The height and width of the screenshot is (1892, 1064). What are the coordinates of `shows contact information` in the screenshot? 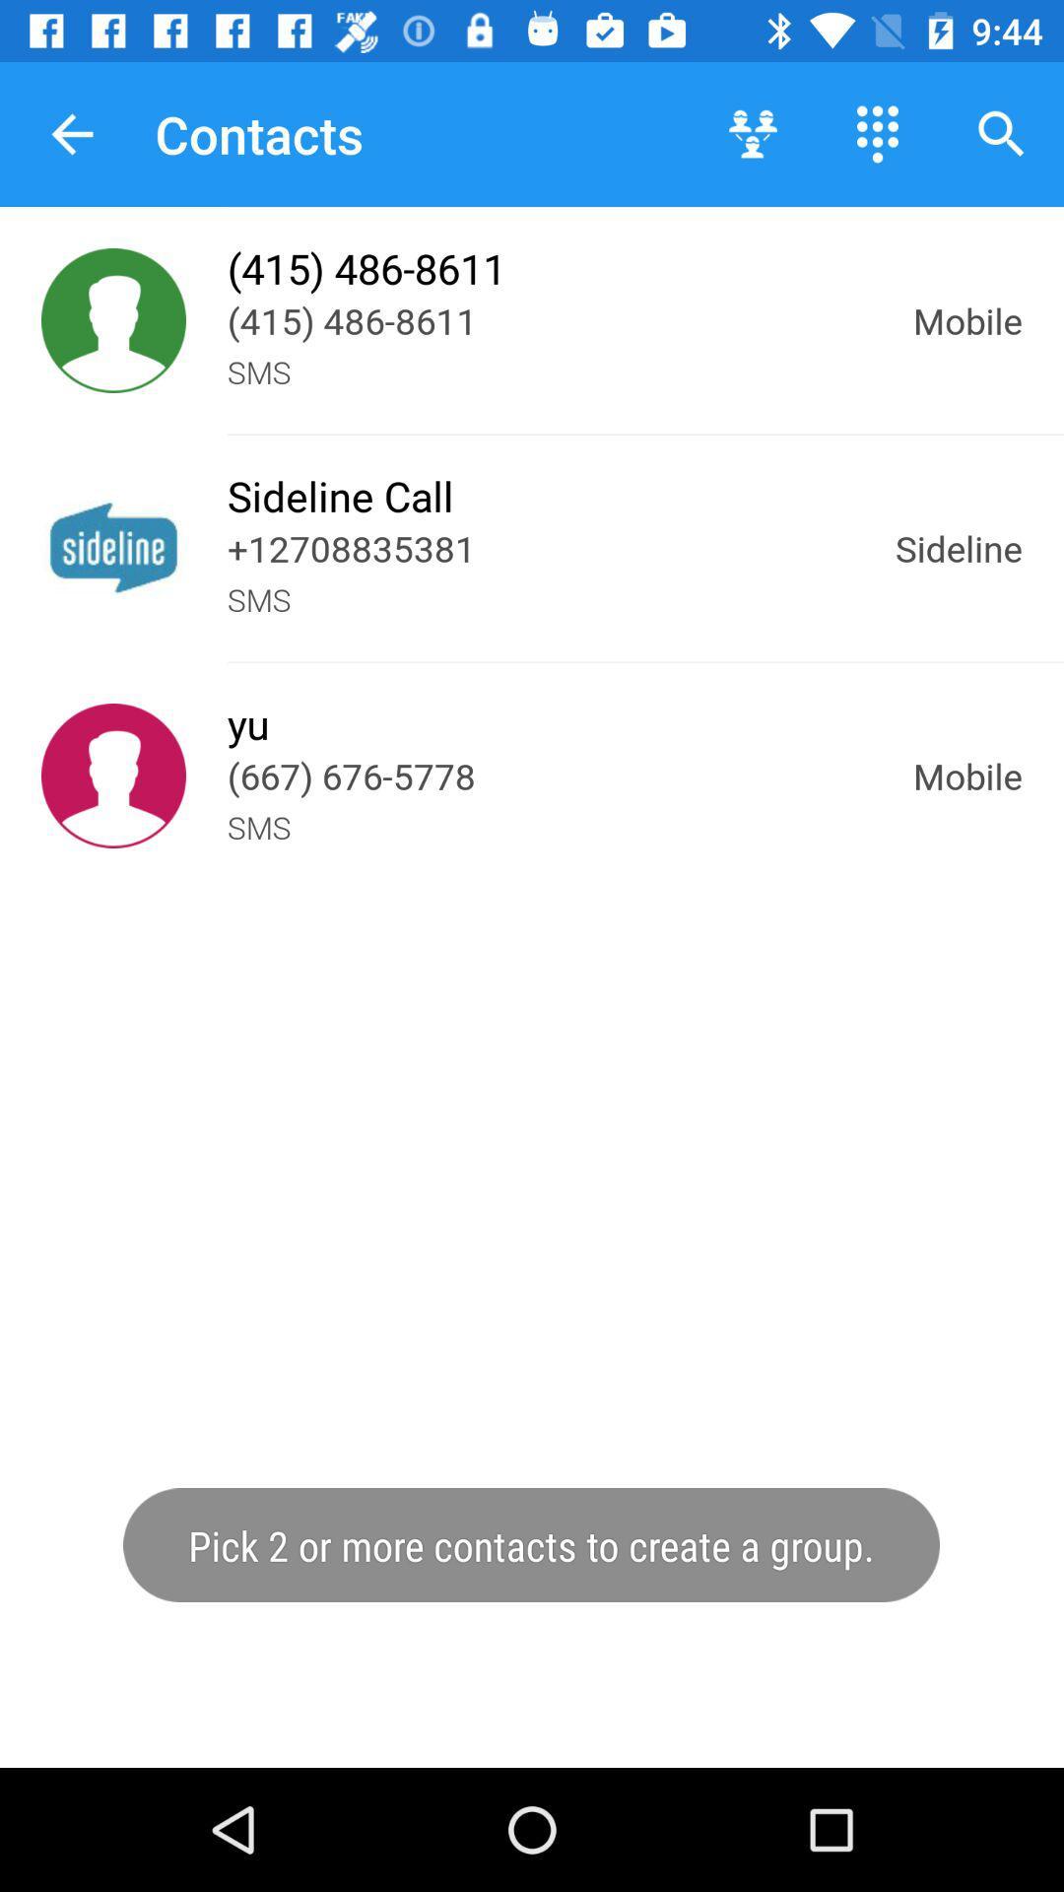 It's located at (113, 320).